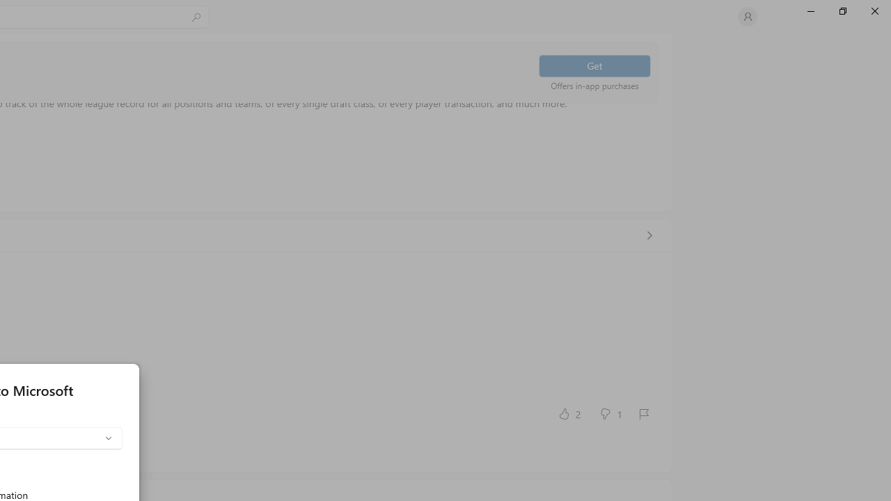  I want to click on 'Minimize Microsoft Store', so click(810, 10).